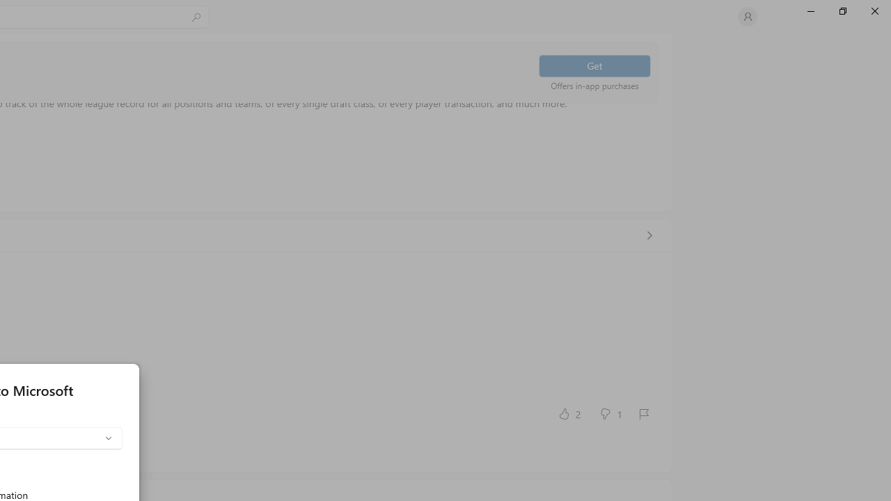  I want to click on 'Minimize Microsoft Store', so click(810, 10).